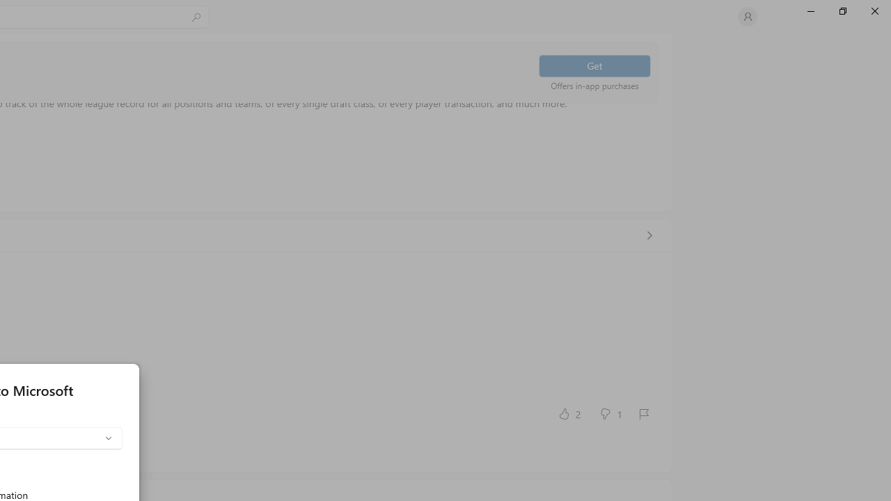  I want to click on 'Minimize Microsoft Store', so click(810, 10).